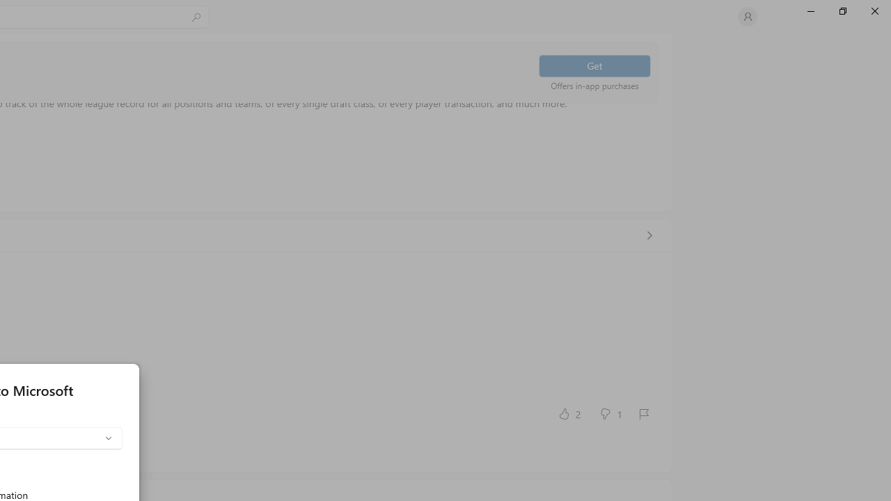  I want to click on 'Minimize Microsoft Store', so click(810, 10).